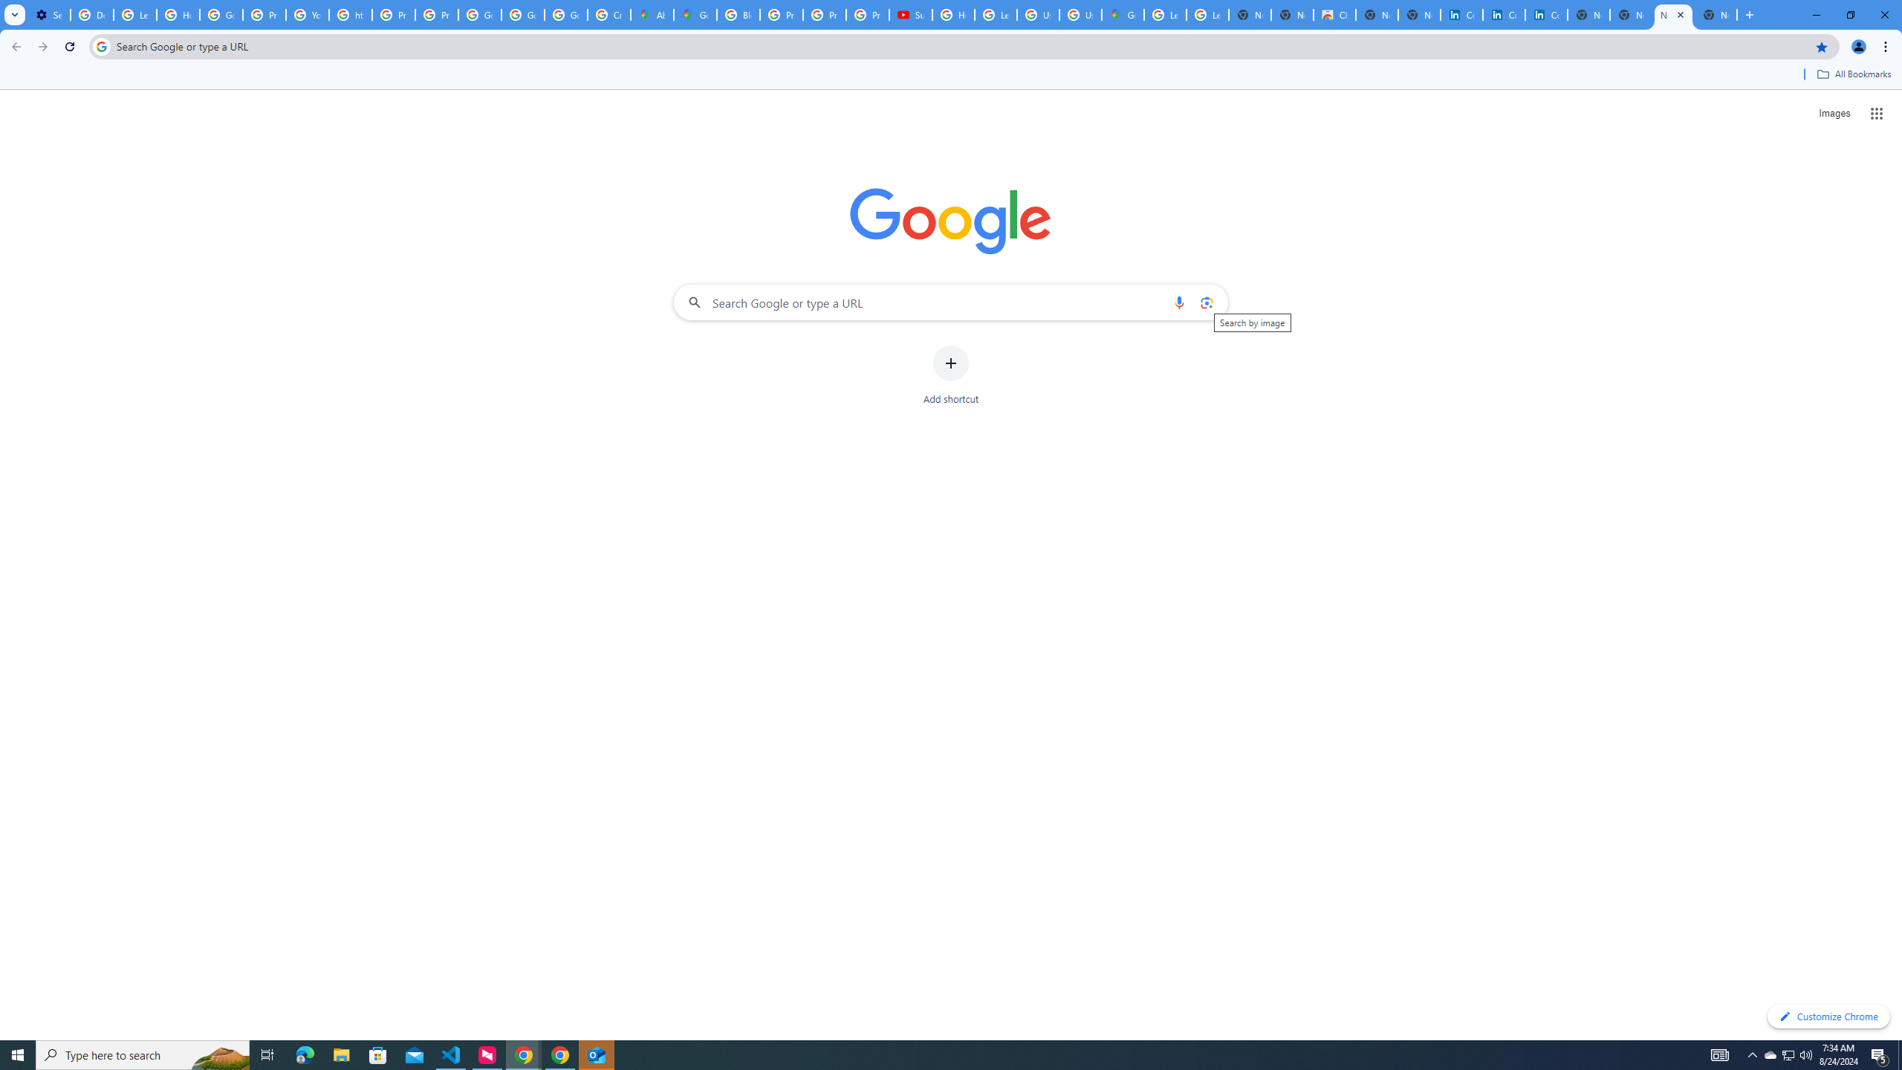 This screenshot has height=1070, width=1902. Describe the element at coordinates (1333, 14) in the screenshot. I see `'Chrome Web Store'` at that location.